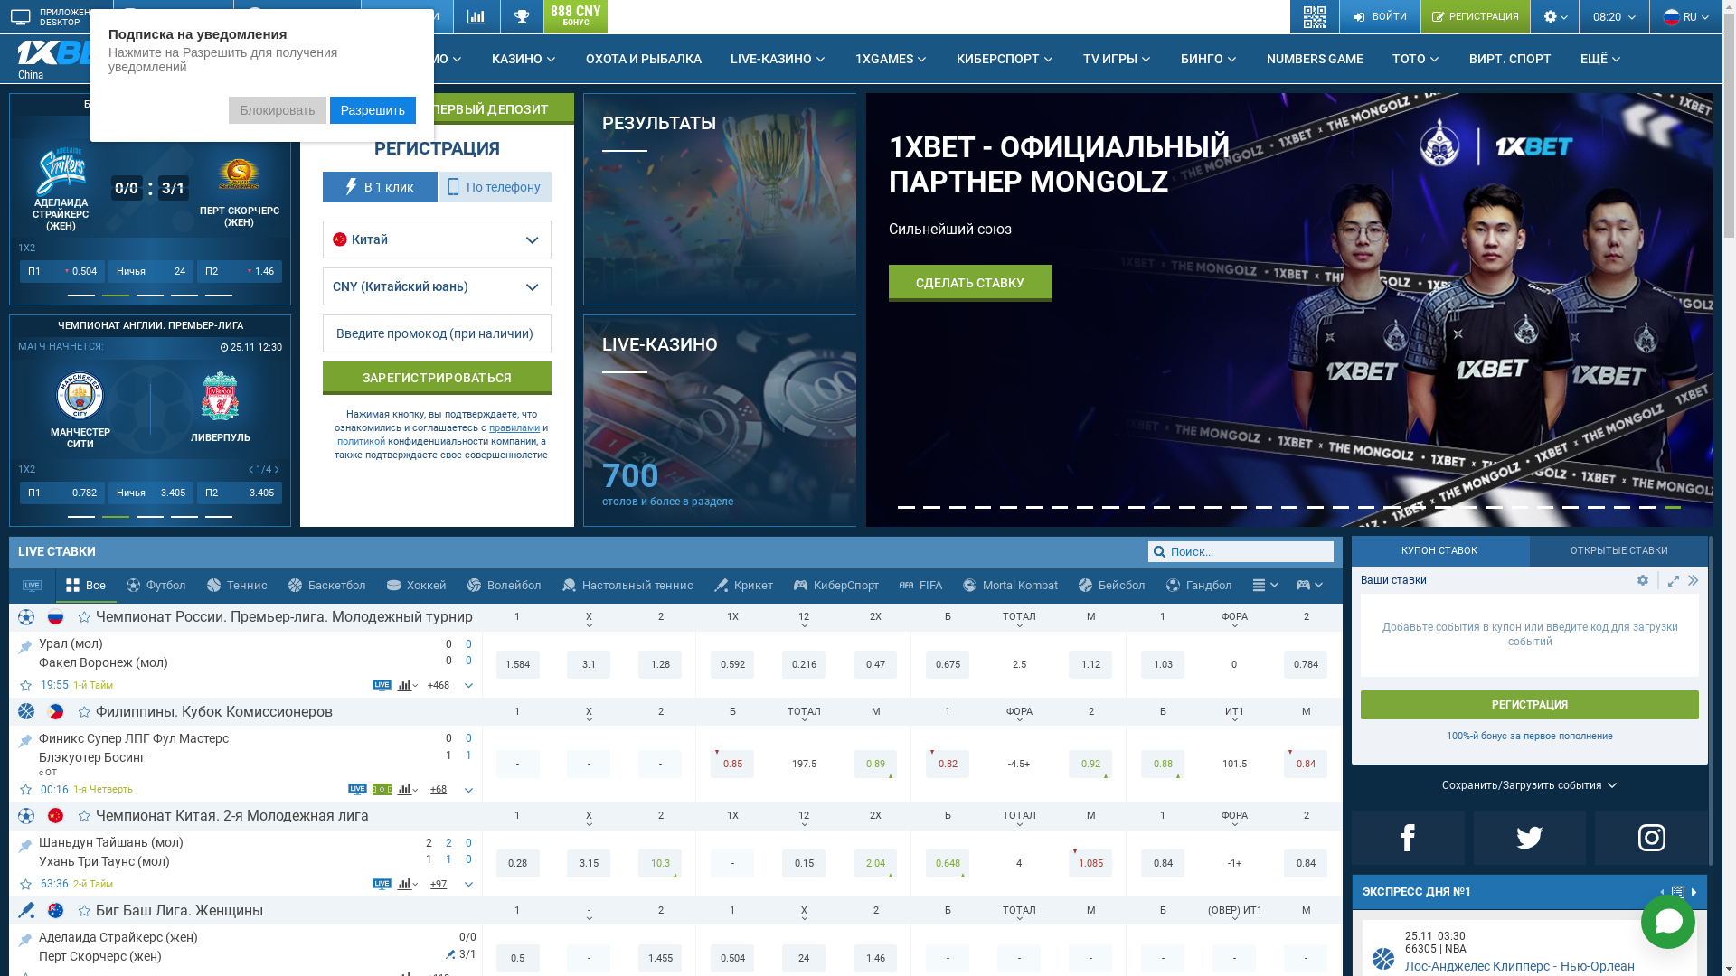 This screenshot has height=976, width=1736. Describe the element at coordinates (439, 789) in the screenshot. I see `'+66'` at that location.